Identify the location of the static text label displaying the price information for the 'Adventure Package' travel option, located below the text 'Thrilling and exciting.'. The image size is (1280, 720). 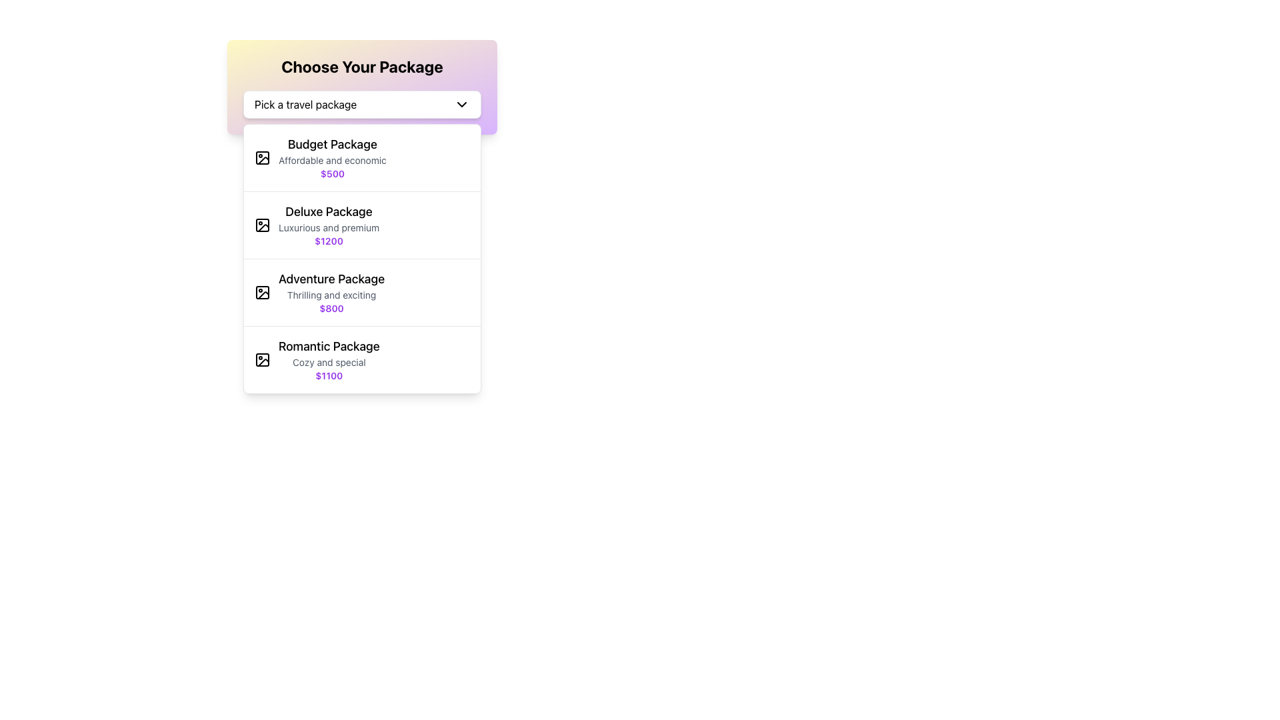
(331, 308).